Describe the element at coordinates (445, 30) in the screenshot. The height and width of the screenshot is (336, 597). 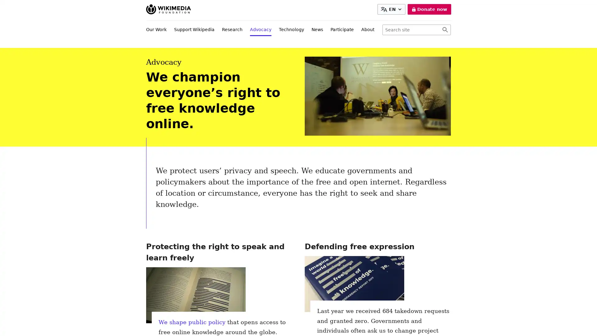
I see `Search` at that location.